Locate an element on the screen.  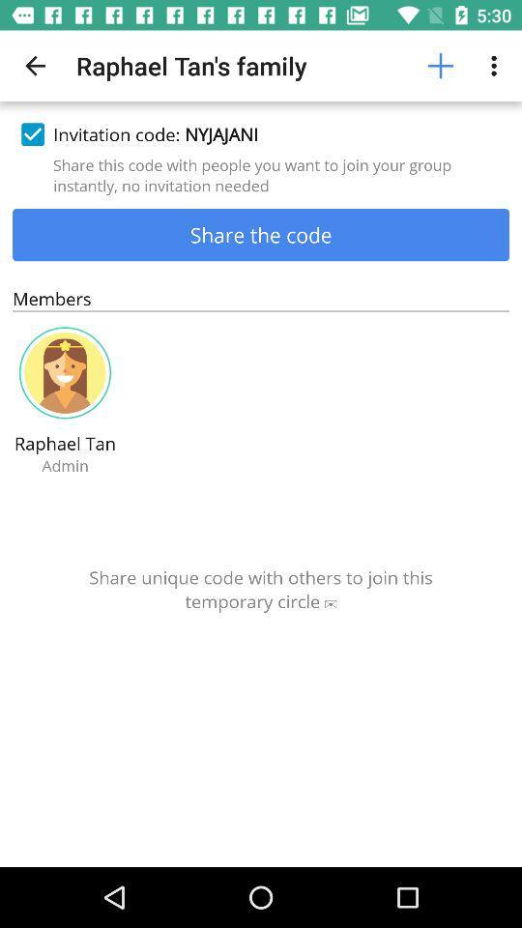
the icon above invitation code: nyjajani icon is located at coordinates (35, 66).